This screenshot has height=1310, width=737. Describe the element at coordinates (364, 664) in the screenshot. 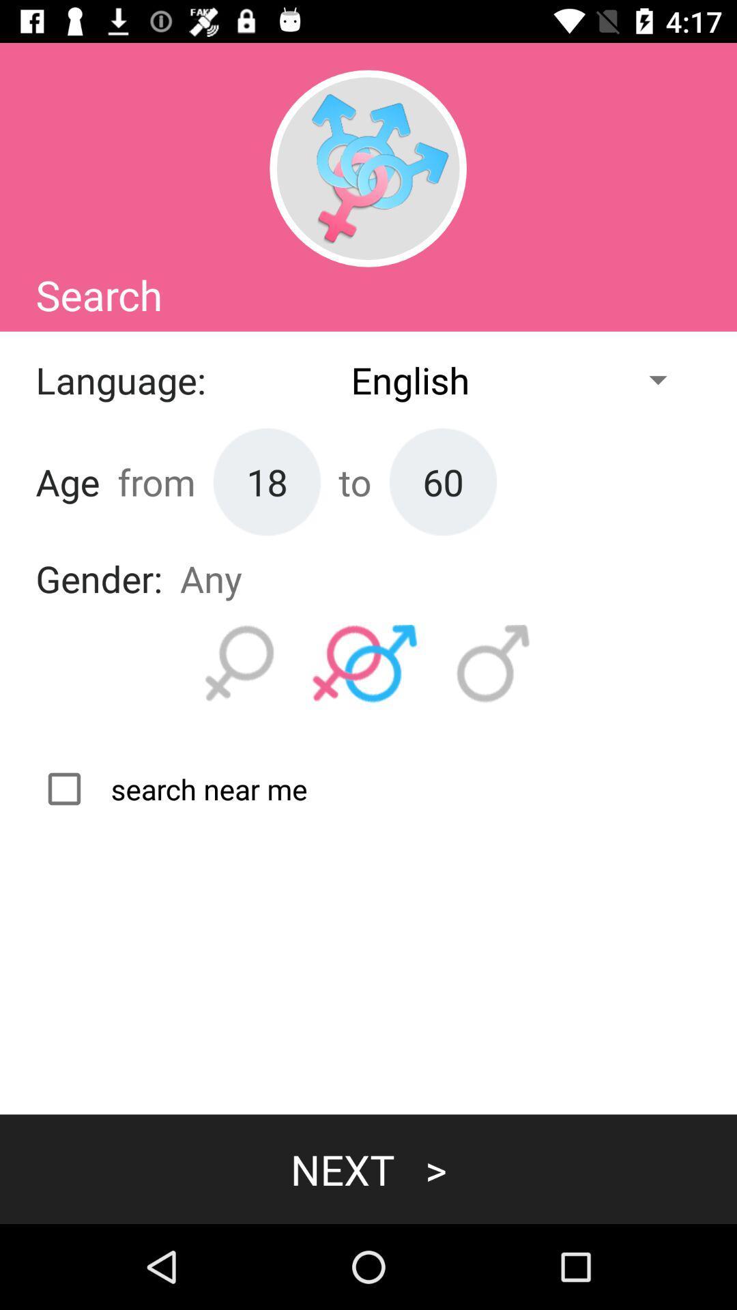

I see `set the any gender option` at that location.